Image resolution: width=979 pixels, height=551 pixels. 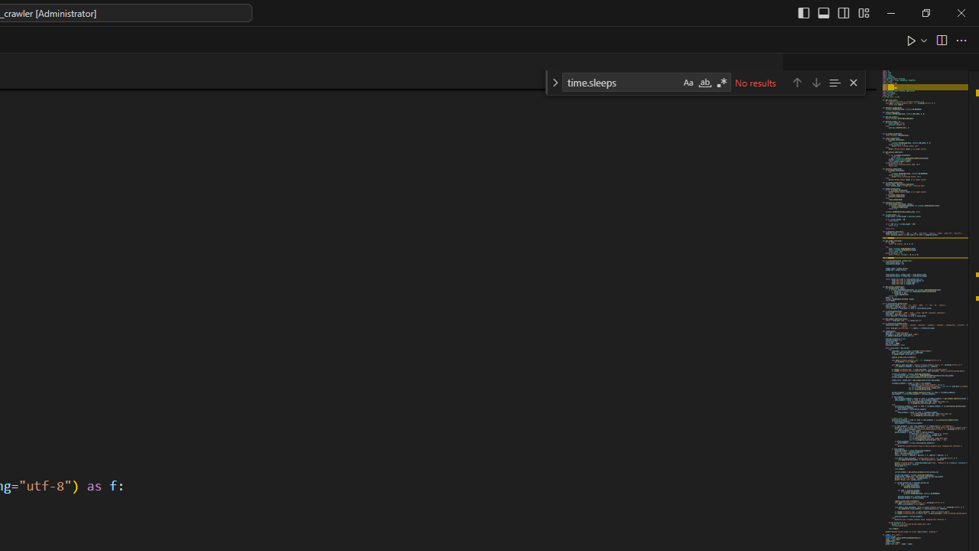 What do you see at coordinates (940, 39) in the screenshot?
I see `'Split Editor Right (Ctrl+\) [Alt] Split Editor Down'` at bounding box center [940, 39].